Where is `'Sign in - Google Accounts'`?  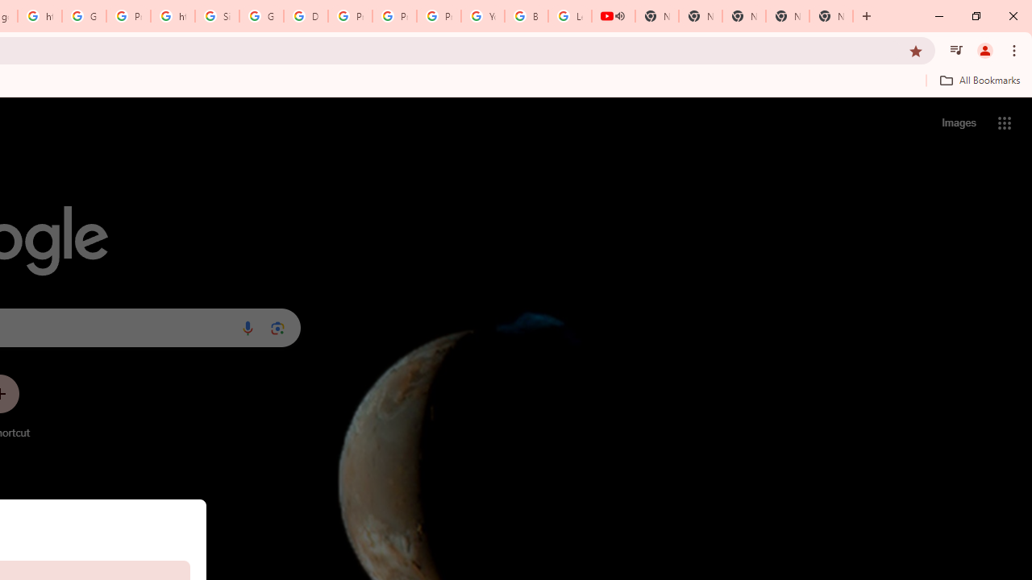 'Sign in - Google Accounts' is located at coordinates (216, 16).